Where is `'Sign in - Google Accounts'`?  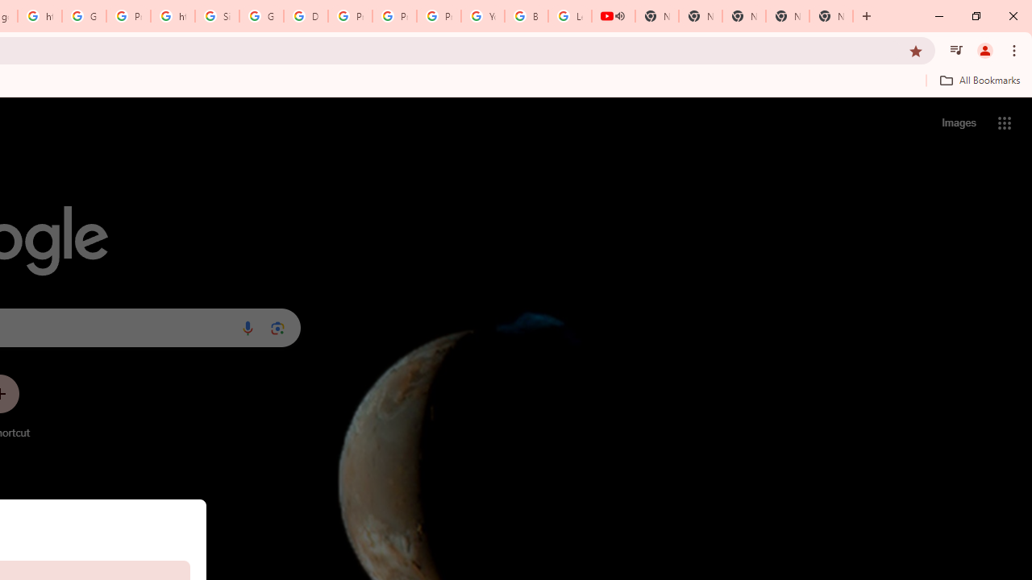 'Sign in - Google Accounts' is located at coordinates (216, 16).